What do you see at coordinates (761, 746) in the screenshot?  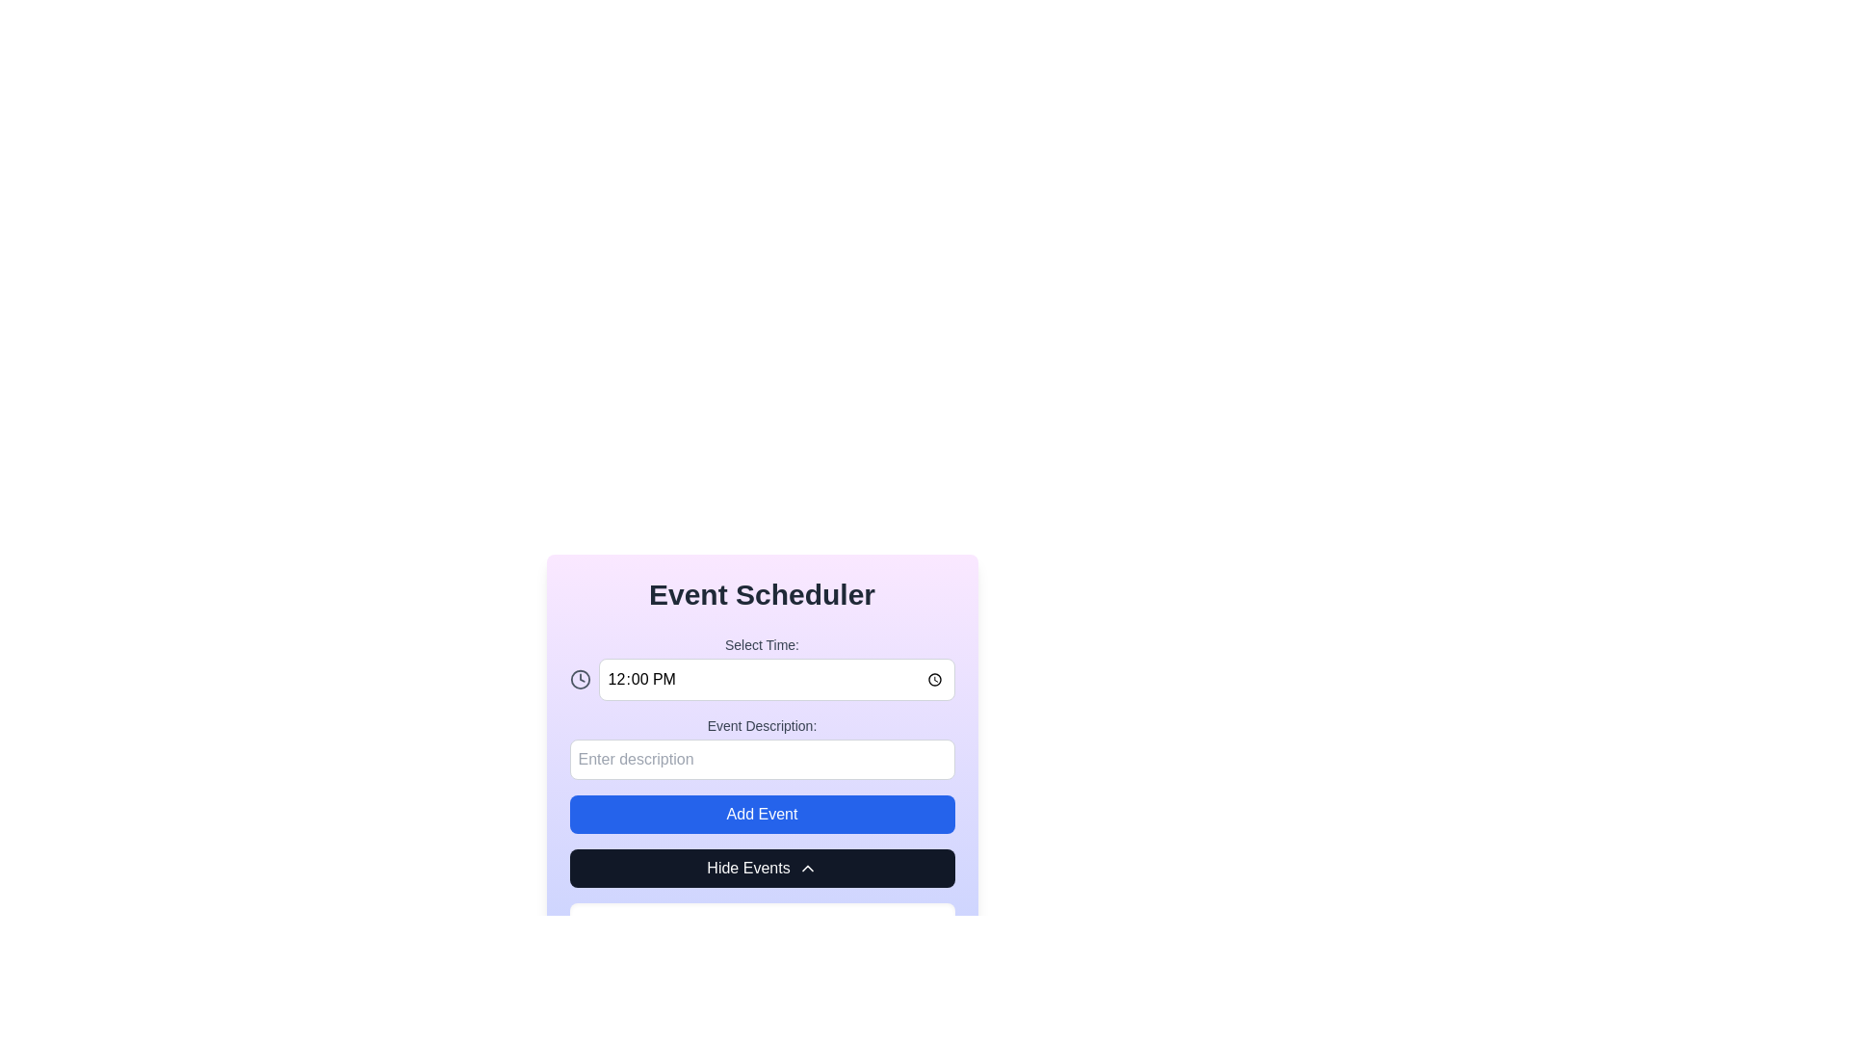 I see `the text input field located below the 'Select Time:' section and above the 'Add Event' button to focus on it` at bounding box center [761, 746].